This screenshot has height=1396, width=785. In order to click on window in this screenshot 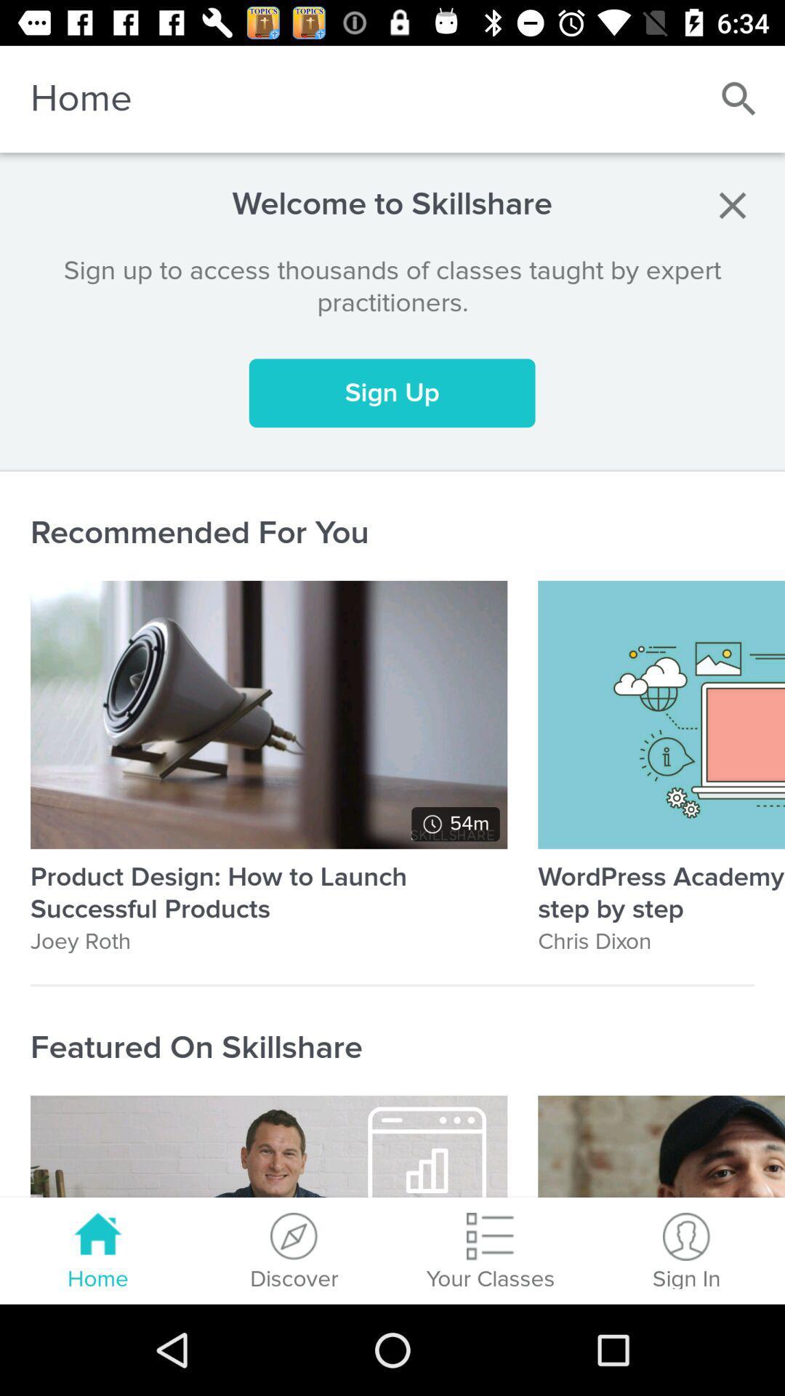, I will do `click(732, 204)`.